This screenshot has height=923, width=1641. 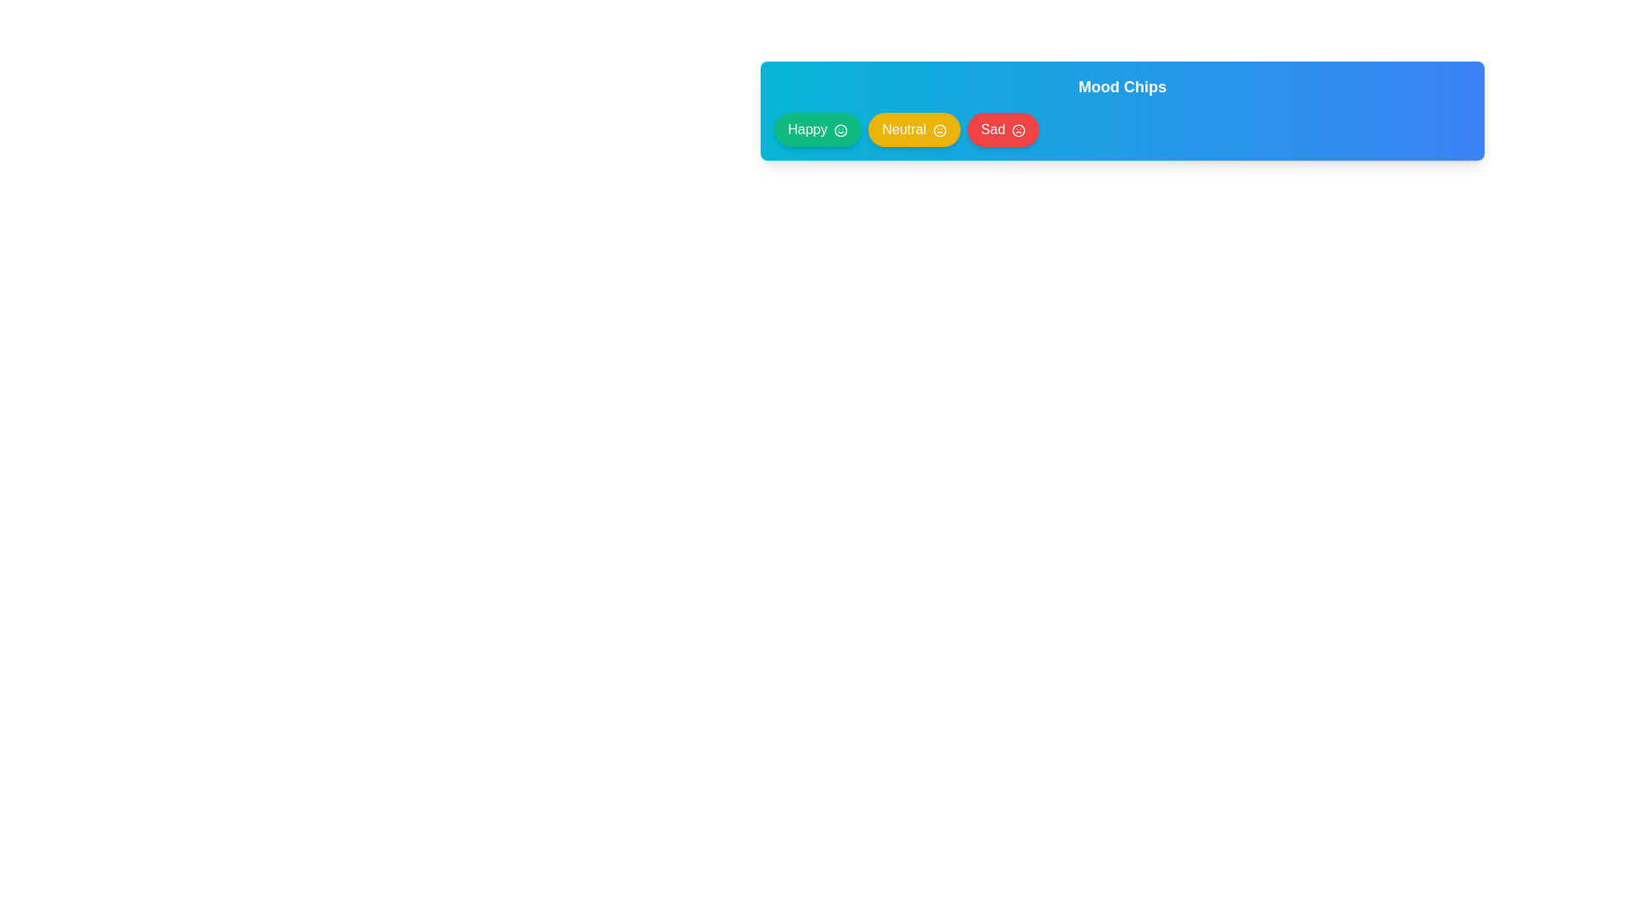 I want to click on the SVG Circle representing the 'Sad' mood option, which is the third button from the left in the mood selection lineup, so click(x=1019, y=129).